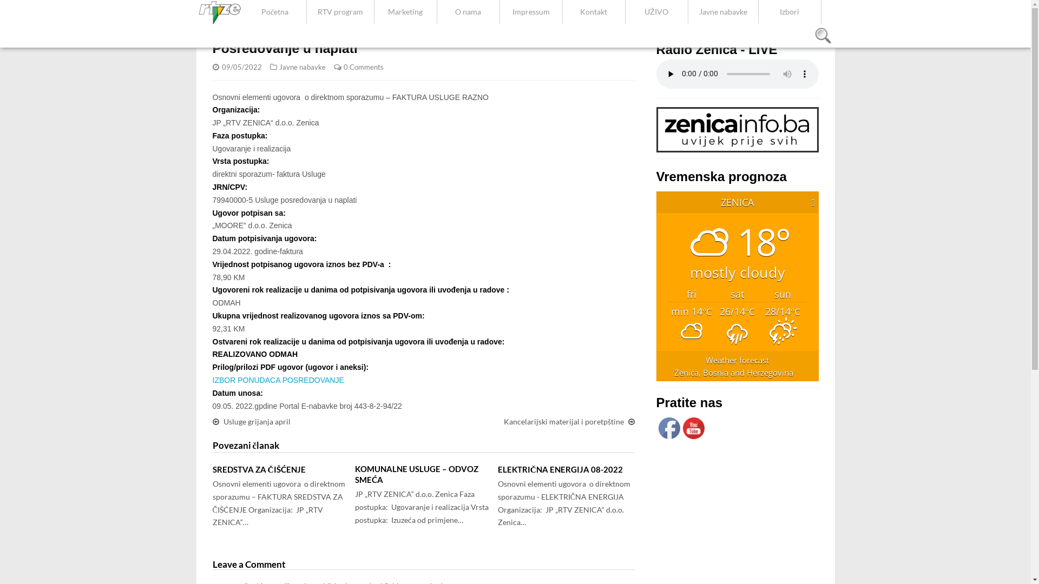 This screenshot has height=584, width=1039. Describe the element at coordinates (468, 12) in the screenshot. I see `'O nama'` at that location.